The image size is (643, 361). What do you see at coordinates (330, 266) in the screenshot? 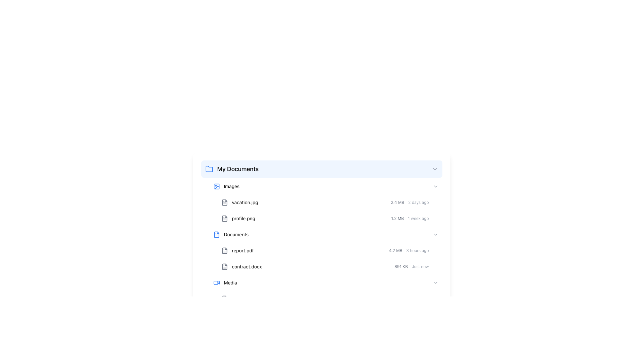
I see `to select the document file listed as the second item under the 'Documents' section, located below 'report.pdf'` at bounding box center [330, 266].